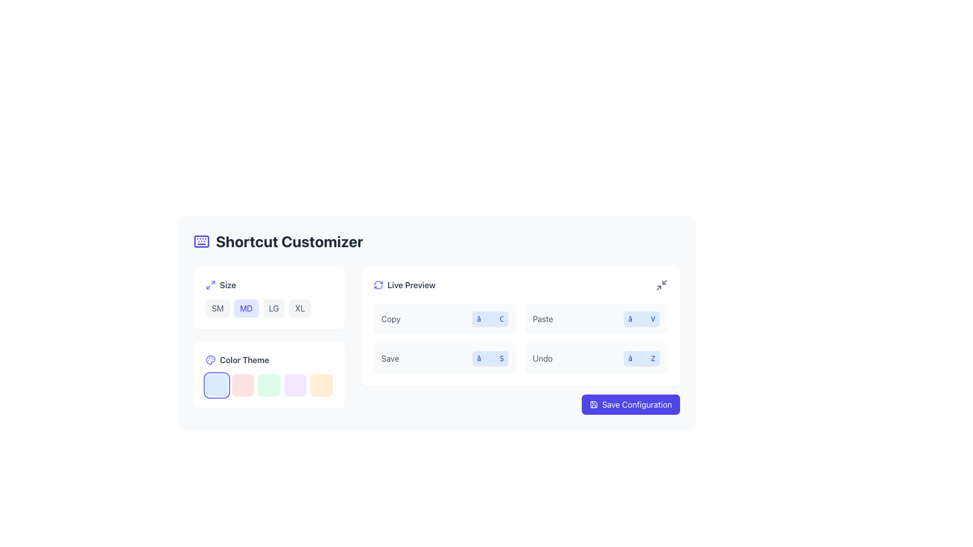 This screenshot has width=973, height=547. I want to click on the color square in the 'Color Theme' section located under 'Size', so click(269, 375).